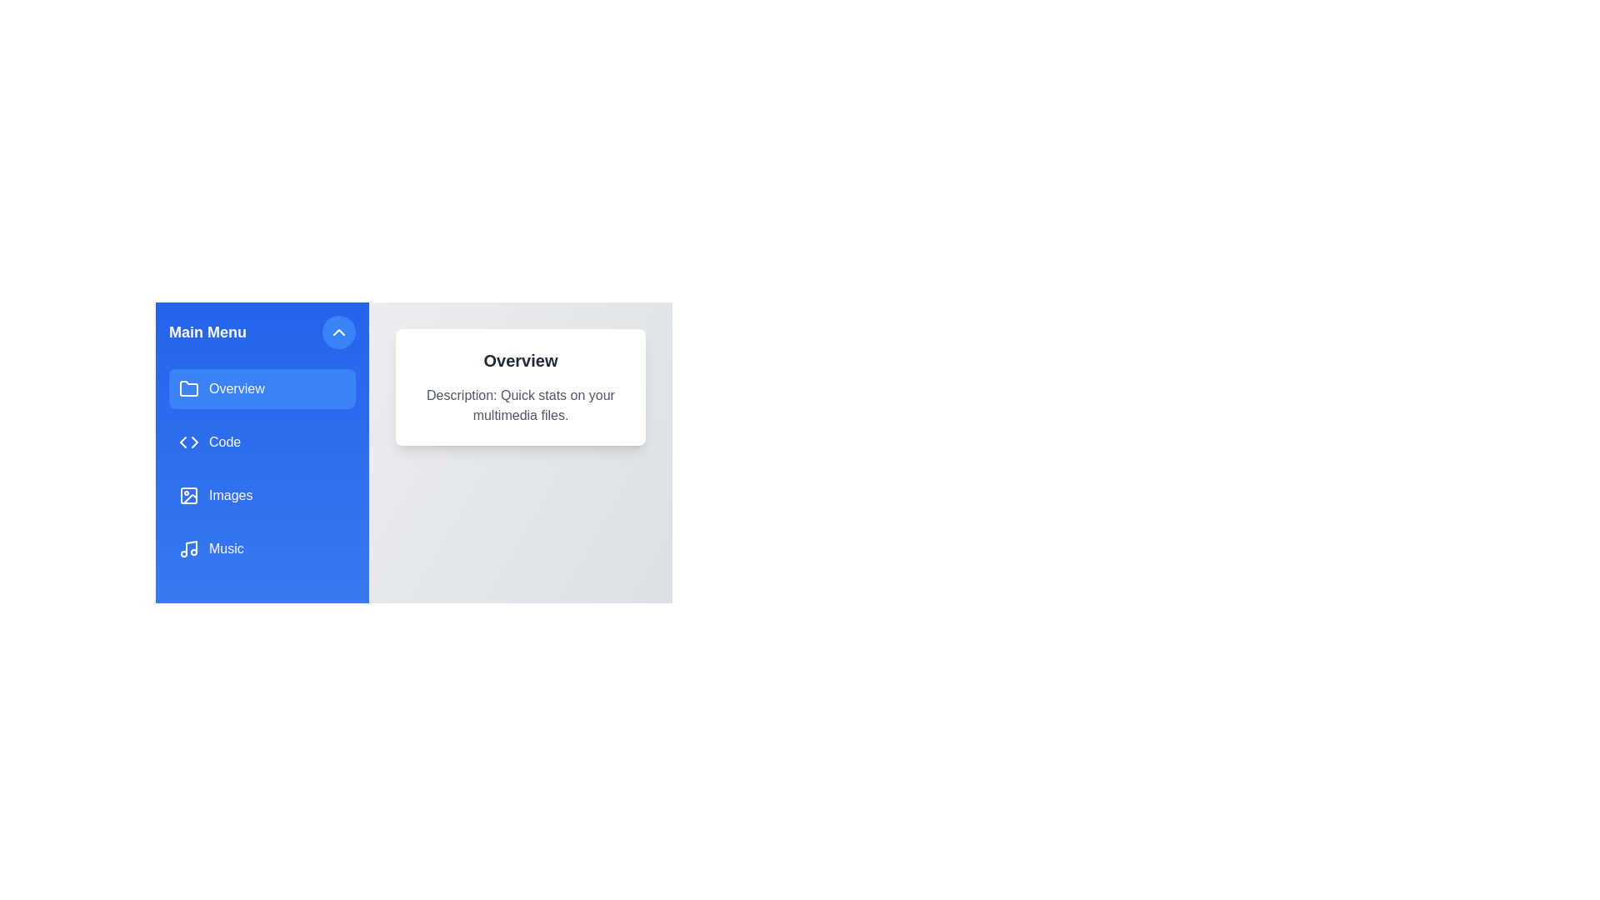 Image resolution: width=1600 pixels, height=900 pixels. What do you see at coordinates (188, 442) in the screenshot?
I see `the icon displaying two inward-facing arrowheads located to the left of the 'Code' button in the left-side navigation menu by moving the cursor to its center point` at bounding box center [188, 442].